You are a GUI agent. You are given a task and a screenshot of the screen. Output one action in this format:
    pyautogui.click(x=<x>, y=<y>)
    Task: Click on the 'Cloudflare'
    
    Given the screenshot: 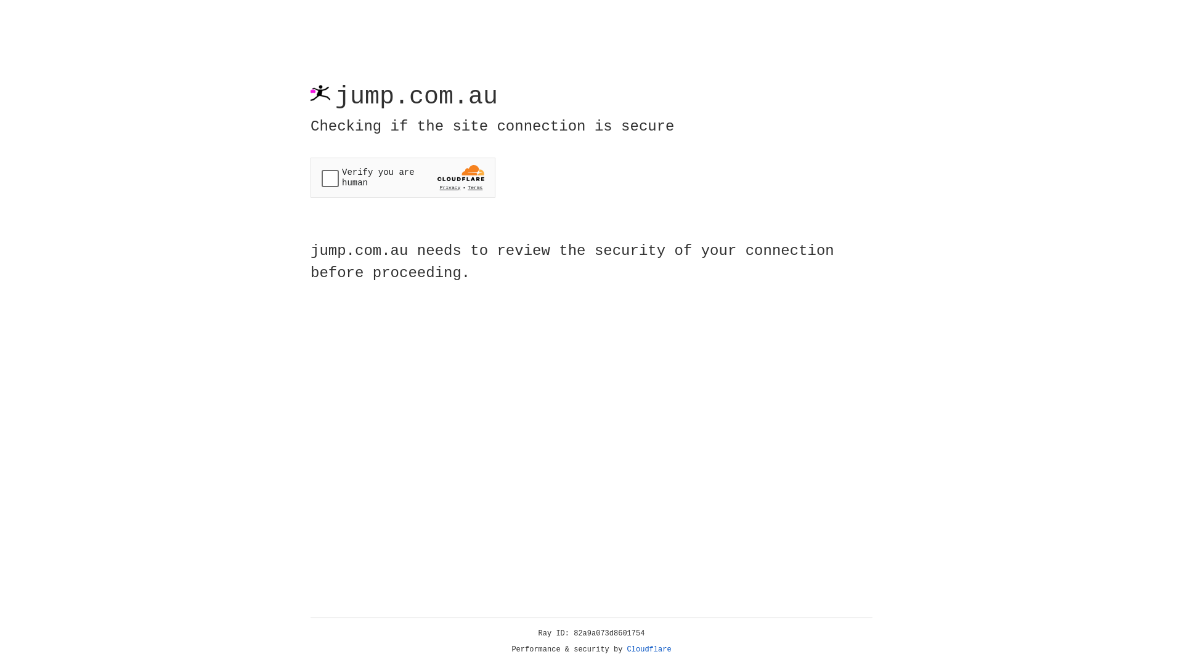 What is the action you would take?
    pyautogui.click(x=649, y=649)
    